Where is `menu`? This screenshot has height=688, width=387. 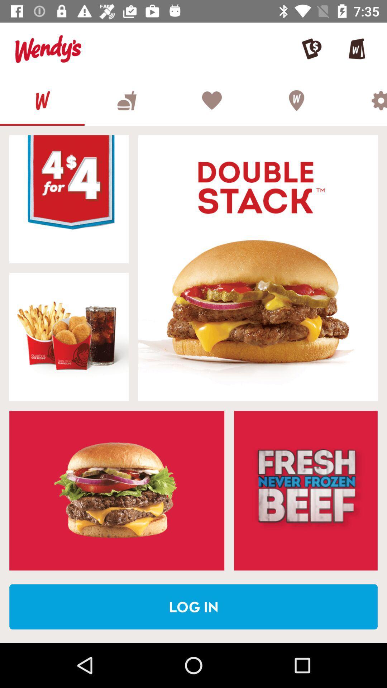
menu is located at coordinates (126, 100).